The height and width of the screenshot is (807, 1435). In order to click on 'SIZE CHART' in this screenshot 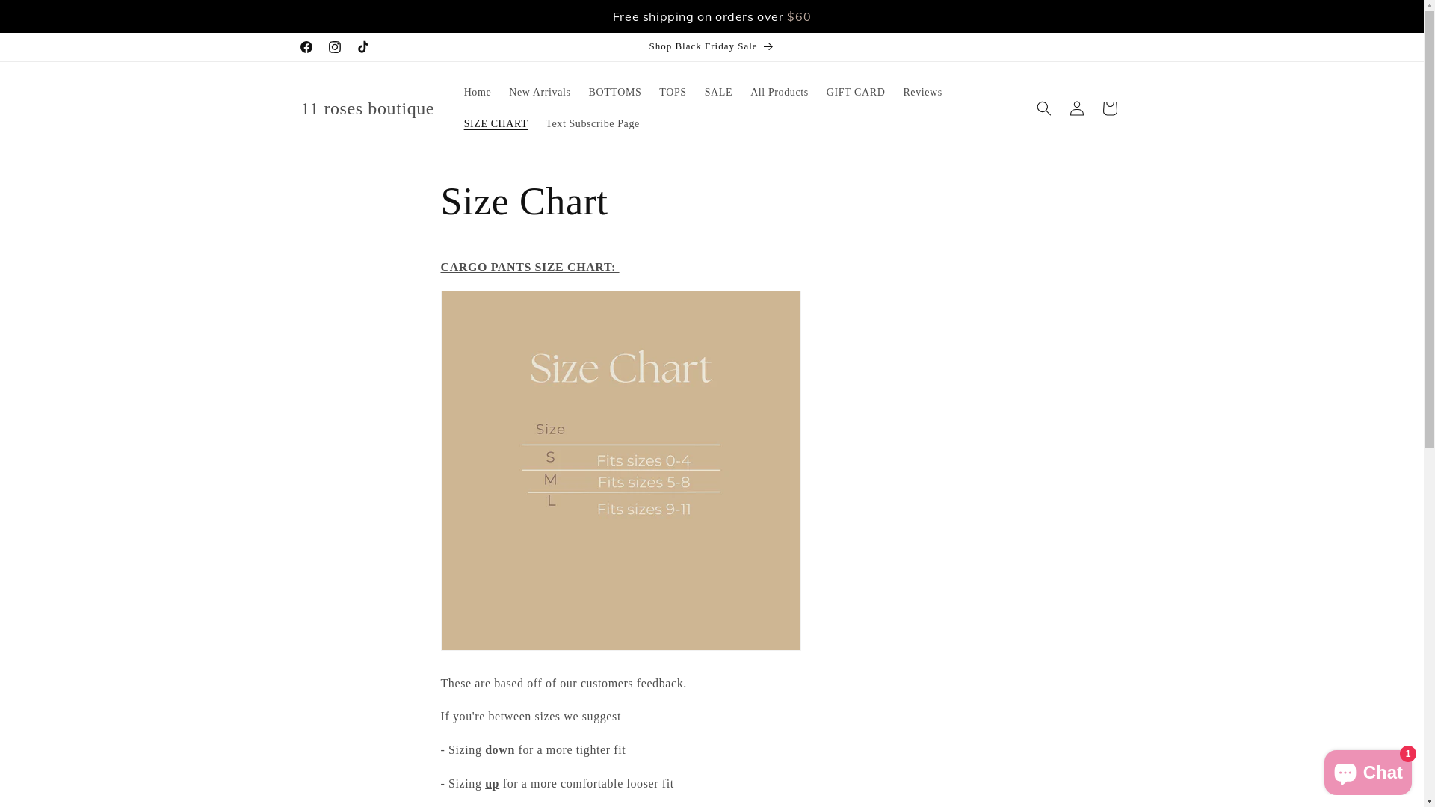, I will do `click(454, 123)`.